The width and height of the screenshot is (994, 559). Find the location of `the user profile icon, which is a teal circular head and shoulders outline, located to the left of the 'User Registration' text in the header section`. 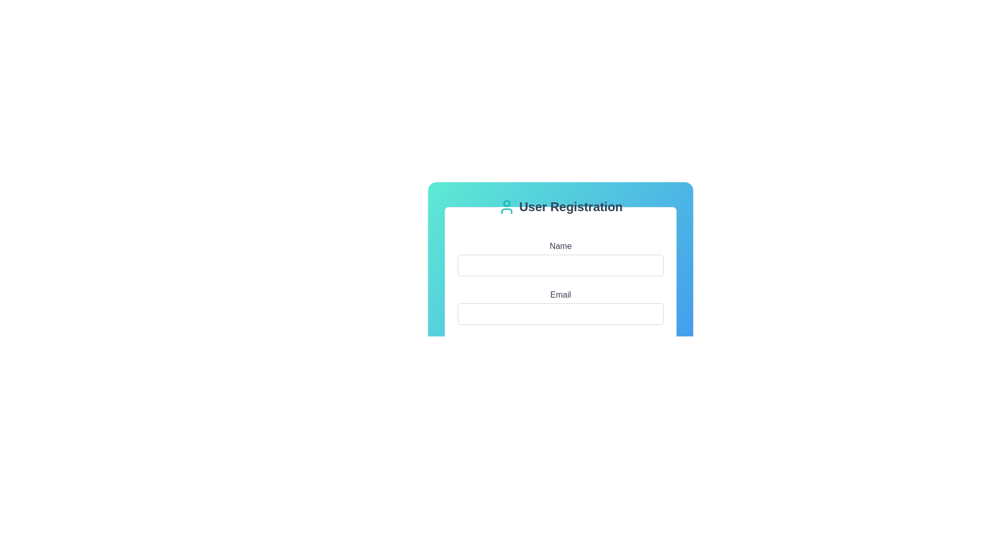

the user profile icon, which is a teal circular head and shoulders outline, located to the left of the 'User Registration' text in the header section is located at coordinates (507, 207).